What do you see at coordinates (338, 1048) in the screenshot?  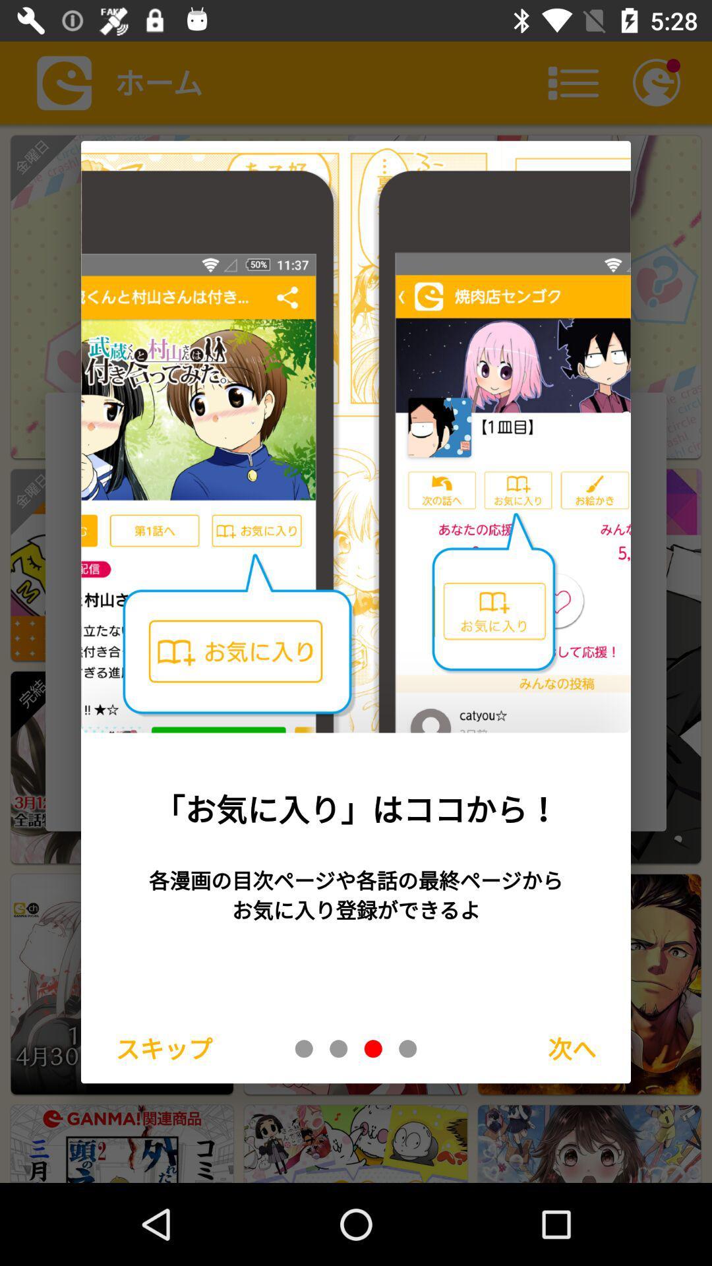 I see `previous page` at bounding box center [338, 1048].